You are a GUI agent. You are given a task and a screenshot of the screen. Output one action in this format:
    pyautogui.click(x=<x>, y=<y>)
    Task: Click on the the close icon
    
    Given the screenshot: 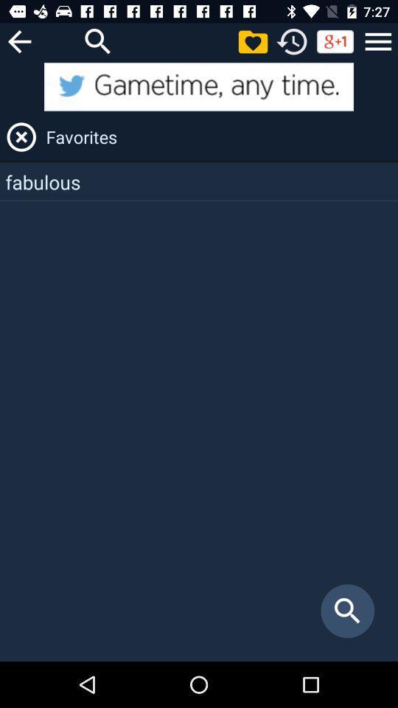 What is the action you would take?
    pyautogui.click(x=21, y=136)
    